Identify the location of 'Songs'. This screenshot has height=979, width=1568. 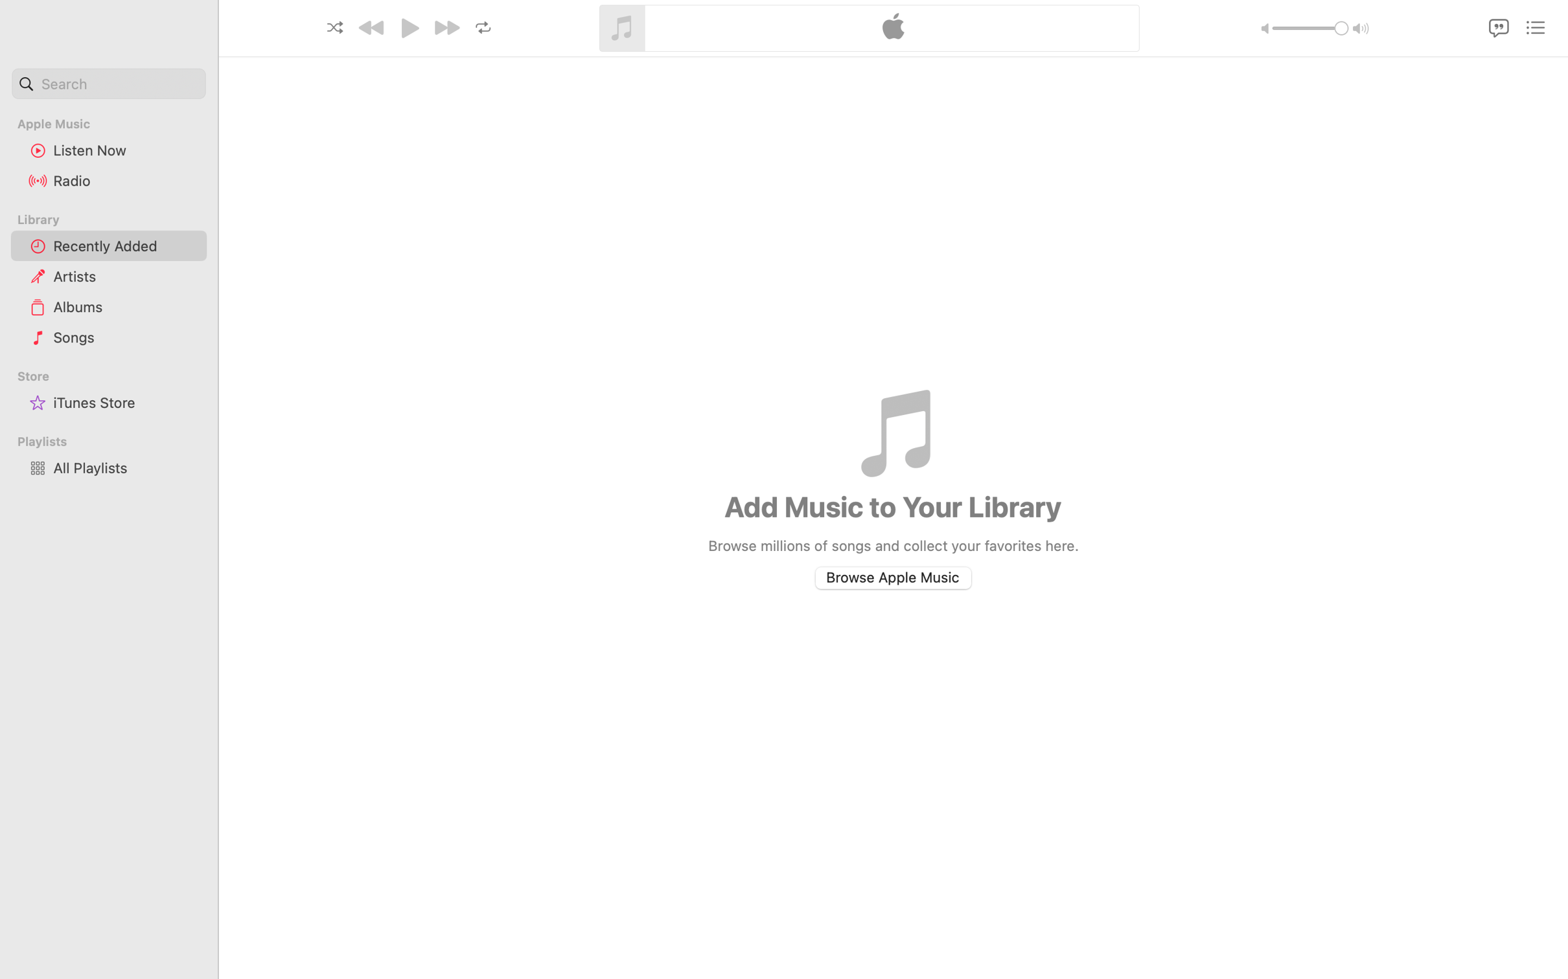
(124, 336).